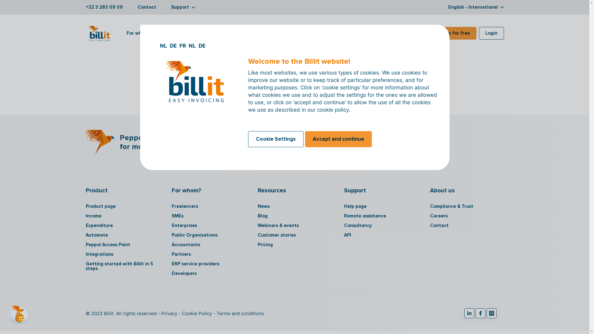  I want to click on 'Cookie Policy', so click(195, 313).